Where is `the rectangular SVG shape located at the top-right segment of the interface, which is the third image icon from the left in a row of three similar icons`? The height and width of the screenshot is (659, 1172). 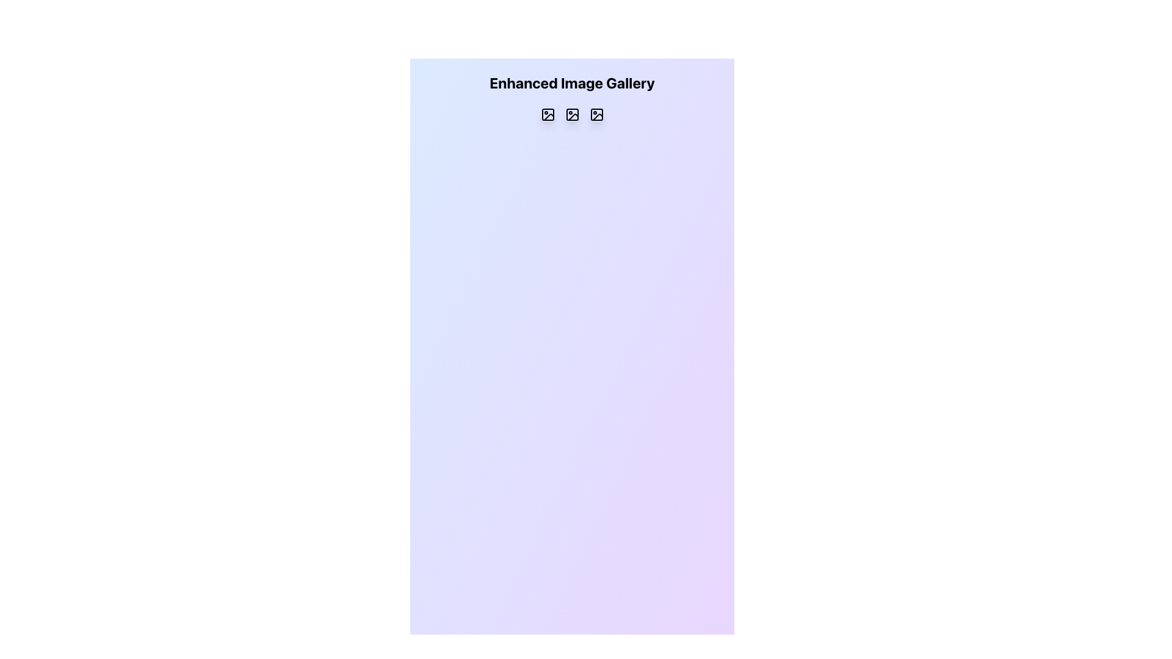 the rectangular SVG shape located at the top-right segment of the interface, which is the third image icon from the left in a row of three similar icons is located at coordinates (596, 115).